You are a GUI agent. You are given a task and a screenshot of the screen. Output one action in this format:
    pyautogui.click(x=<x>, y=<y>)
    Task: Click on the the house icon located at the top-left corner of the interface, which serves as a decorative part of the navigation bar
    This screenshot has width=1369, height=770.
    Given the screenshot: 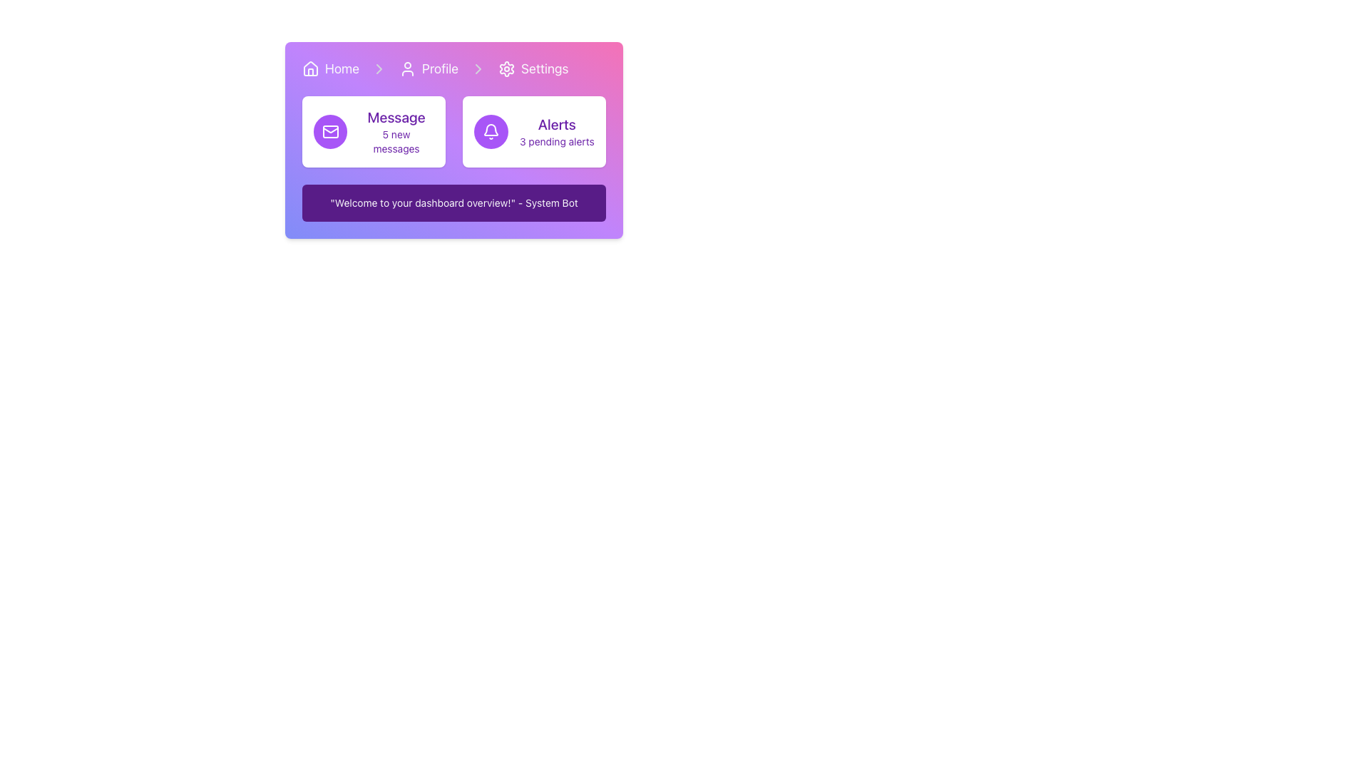 What is the action you would take?
    pyautogui.click(x=310, y=72)
    